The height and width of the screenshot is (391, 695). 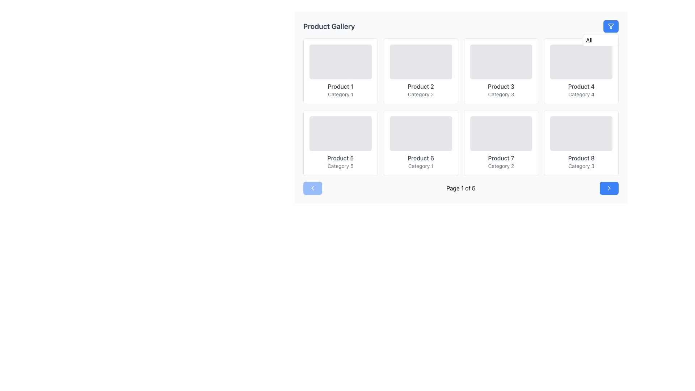 I want to click on the dropdown menu displaying 'All' in the top-right corner of the interface, so click(x=601, y=40).